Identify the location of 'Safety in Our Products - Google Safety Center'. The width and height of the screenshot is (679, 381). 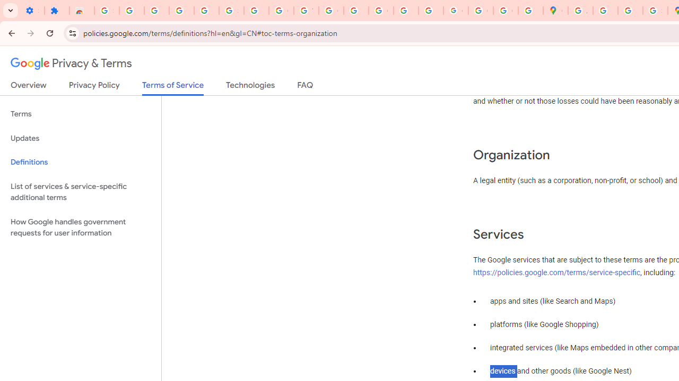
(655, 11).